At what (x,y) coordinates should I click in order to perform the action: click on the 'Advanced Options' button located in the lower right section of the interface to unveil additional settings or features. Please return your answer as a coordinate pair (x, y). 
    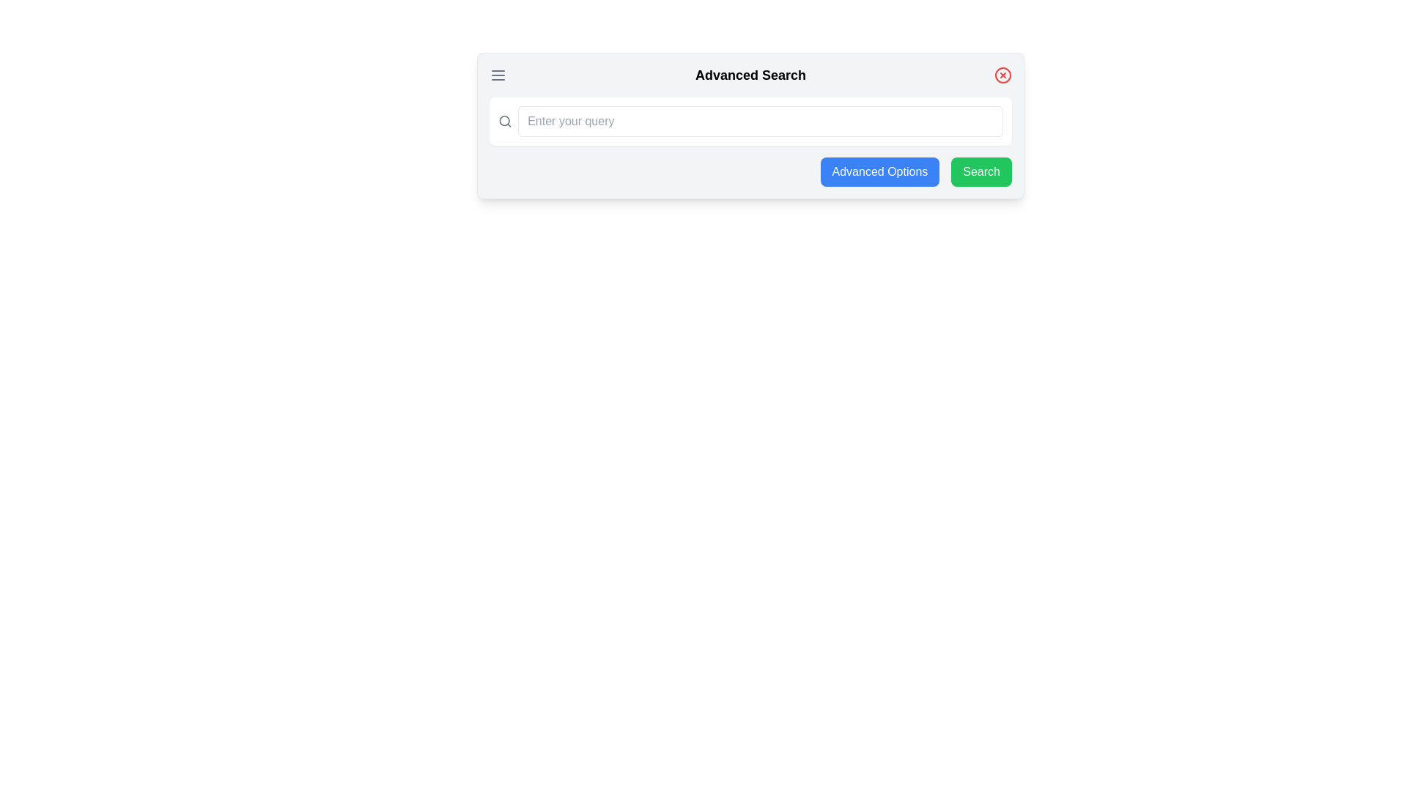
    Looking at the image, I should click on (879, 171).